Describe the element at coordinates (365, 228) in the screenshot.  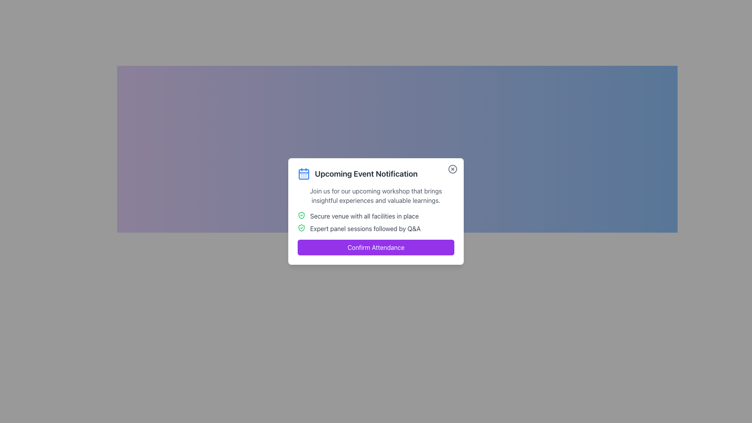
I see `text that conveys information about the availability of expert panel sessions followed by a Q&A session, located as the second line of text within the detail block of the event details card` at that location.